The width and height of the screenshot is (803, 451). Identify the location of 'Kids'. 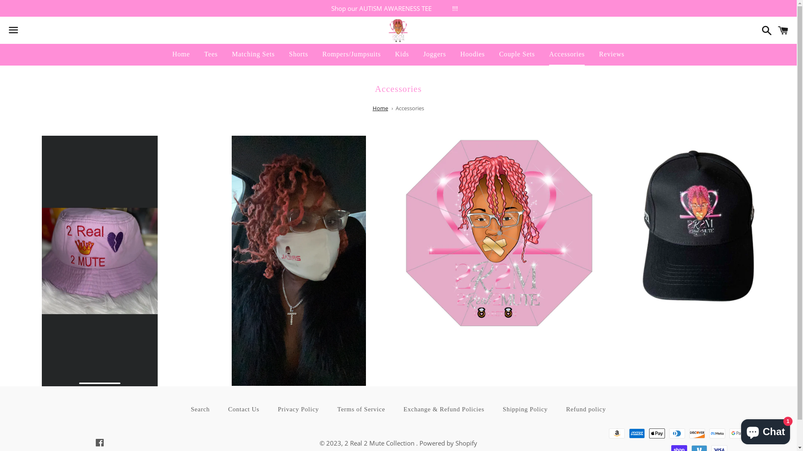
(402, 54).